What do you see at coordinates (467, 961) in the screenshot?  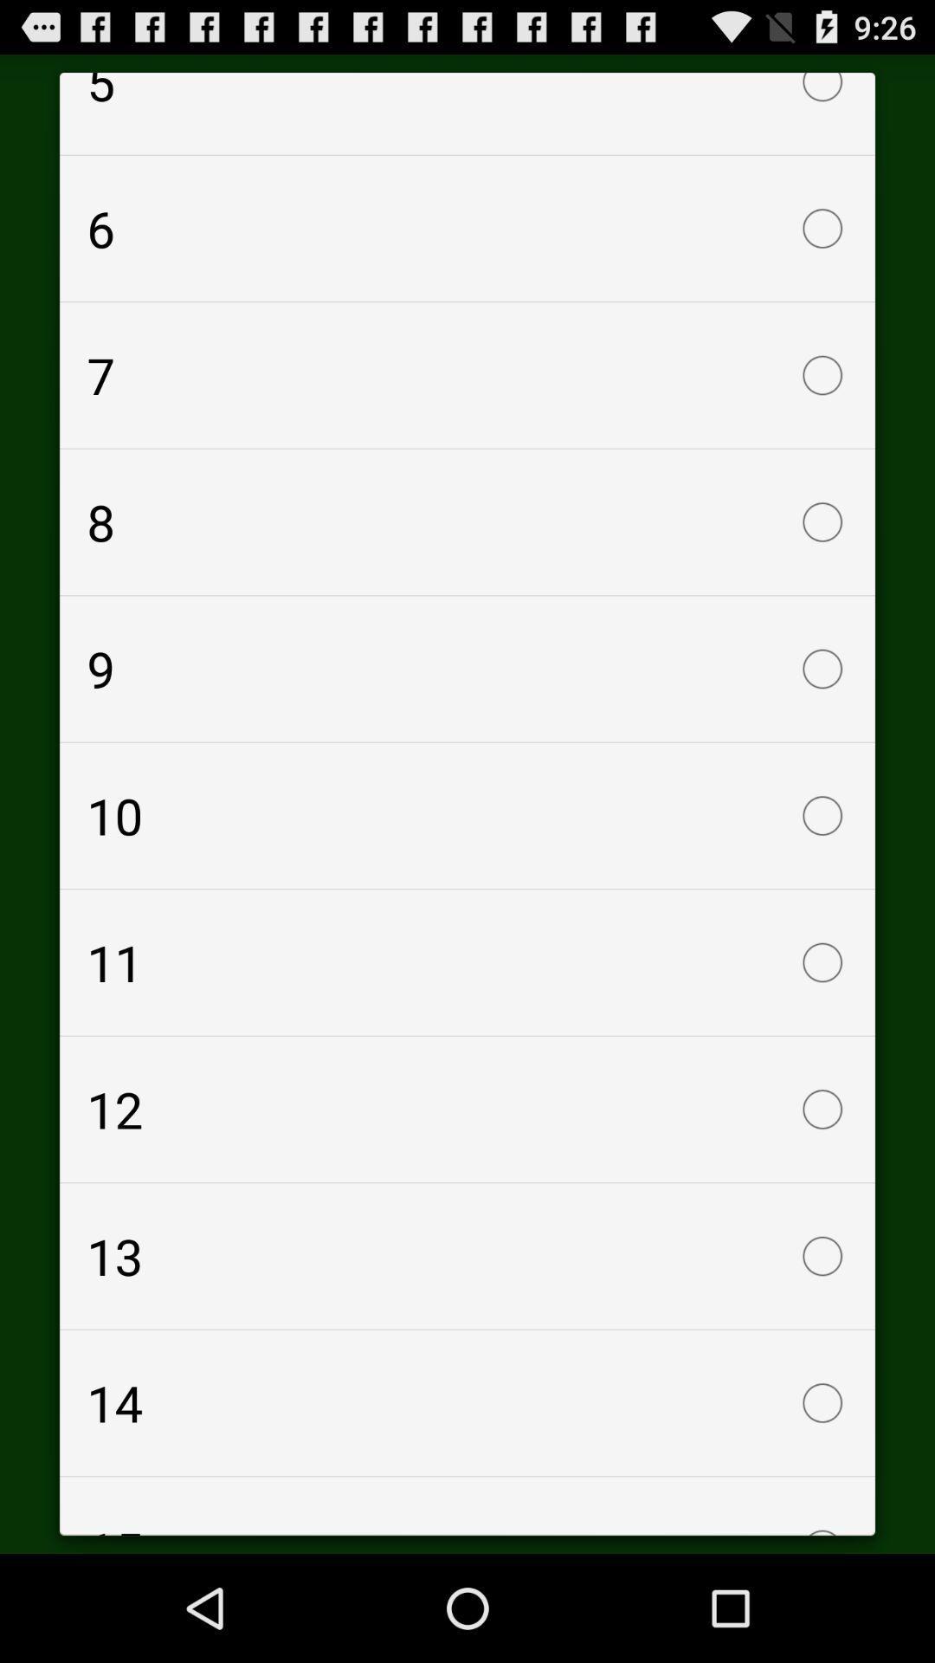 I see `checkbox above the 12 checkbox` at bounding box center [467, 961].